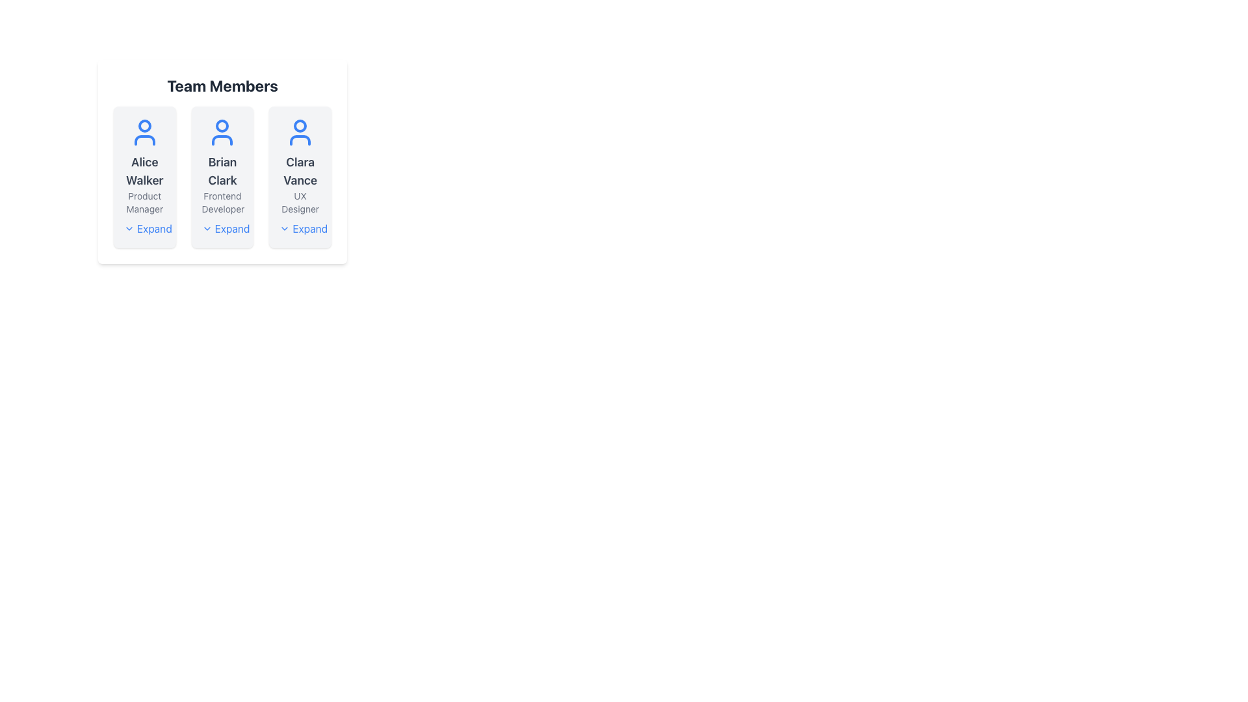  I want to click on the downward-facing chevron icon in the 'Expand' section under 'Alice Walker', so click(129, 227).